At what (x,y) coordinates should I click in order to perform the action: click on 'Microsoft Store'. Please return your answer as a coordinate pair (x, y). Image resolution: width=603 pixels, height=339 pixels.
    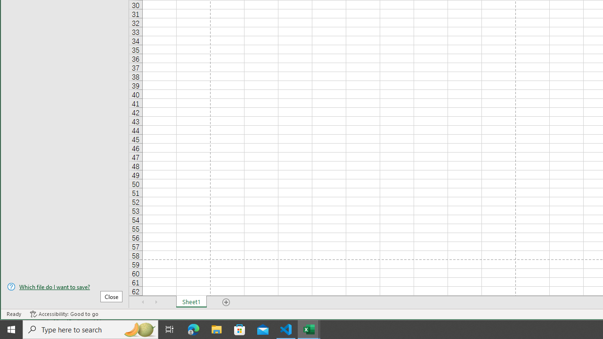
    Looking at the image, I should click on (240, 329).